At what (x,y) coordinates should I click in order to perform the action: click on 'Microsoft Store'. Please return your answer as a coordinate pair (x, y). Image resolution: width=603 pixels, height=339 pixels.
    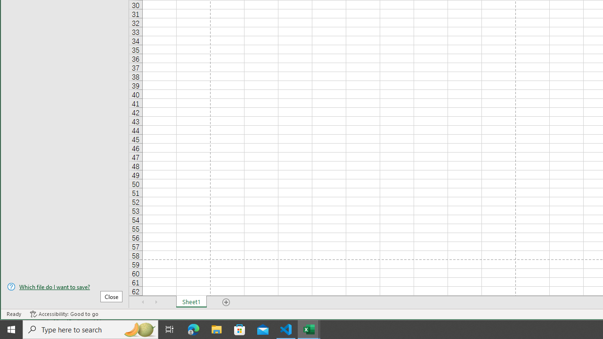
    Looking at the image, I should click on (240, 329).